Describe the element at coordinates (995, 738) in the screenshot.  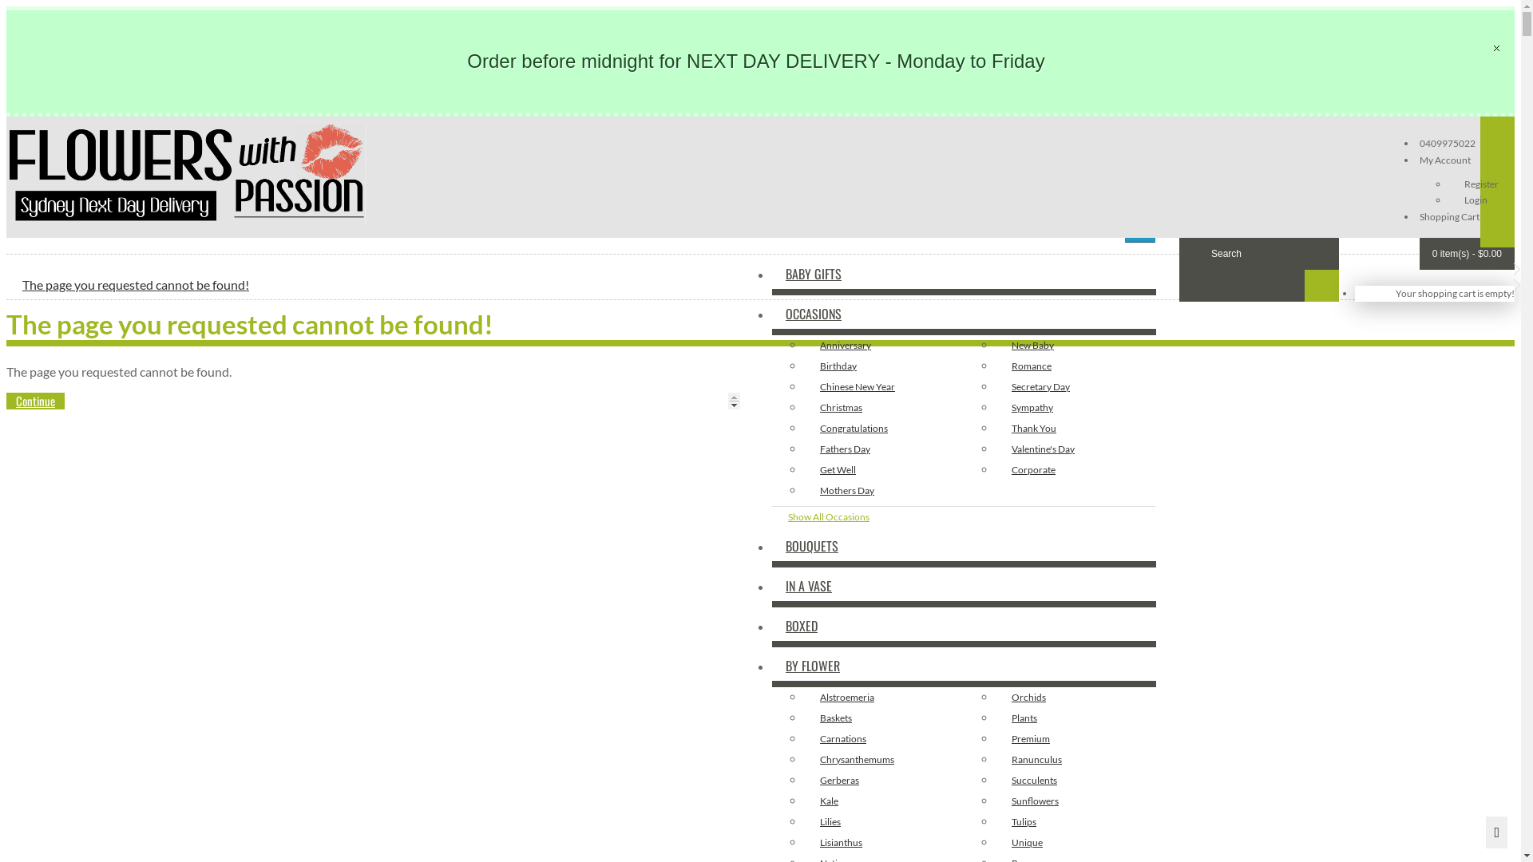
I see `'Premium'` at that location.